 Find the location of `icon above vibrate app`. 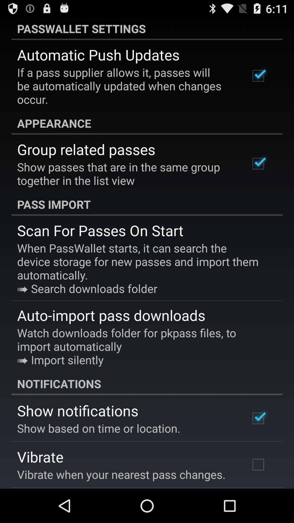

icon above vibrate app is located at coordinates (99, 428).